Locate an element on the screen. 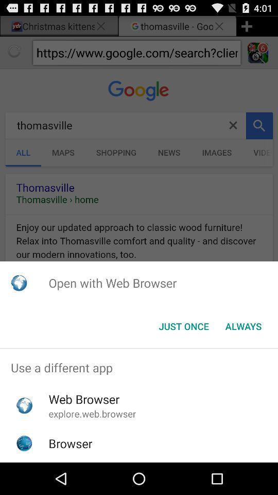 This screenshot has height=495, width=278. the just once is located at coordinates (183, 326).